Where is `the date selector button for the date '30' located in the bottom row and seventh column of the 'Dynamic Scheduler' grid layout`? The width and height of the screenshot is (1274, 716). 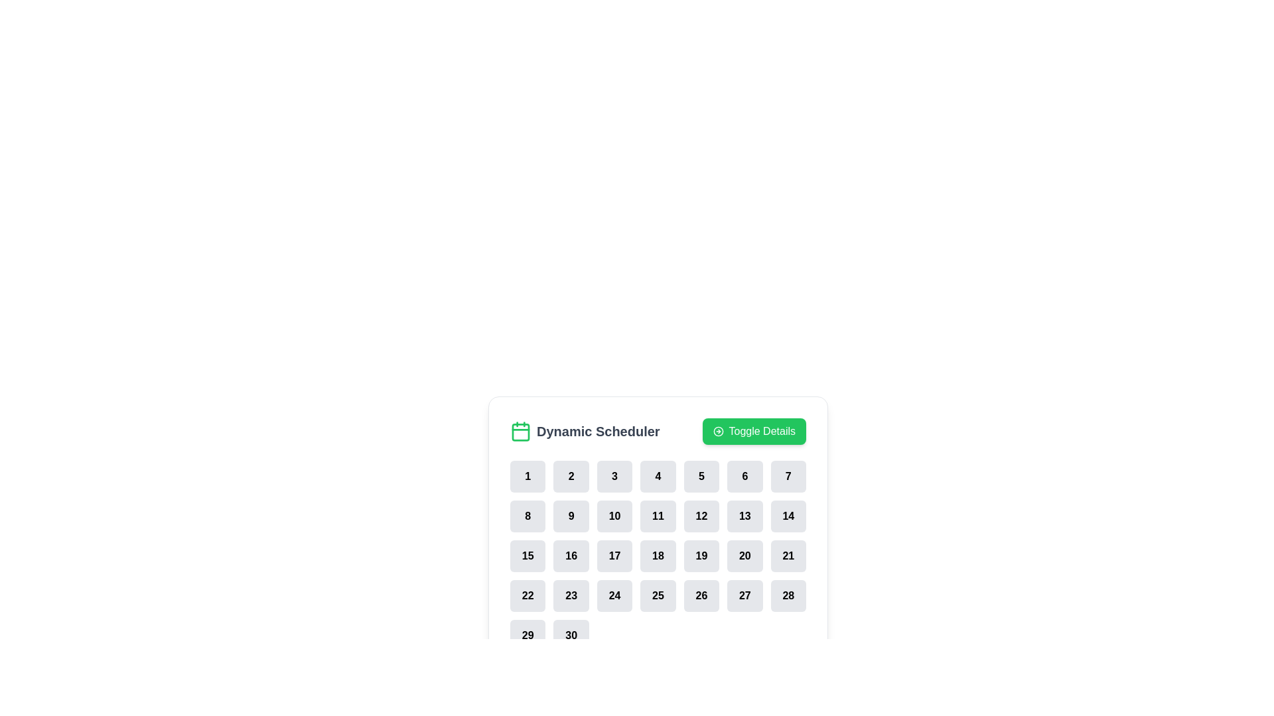
the date selector button for the date '30' located in the bottom row and seventh column of the 'Dynamic Scheduler' grid layout is located at coordinates (571, 635).